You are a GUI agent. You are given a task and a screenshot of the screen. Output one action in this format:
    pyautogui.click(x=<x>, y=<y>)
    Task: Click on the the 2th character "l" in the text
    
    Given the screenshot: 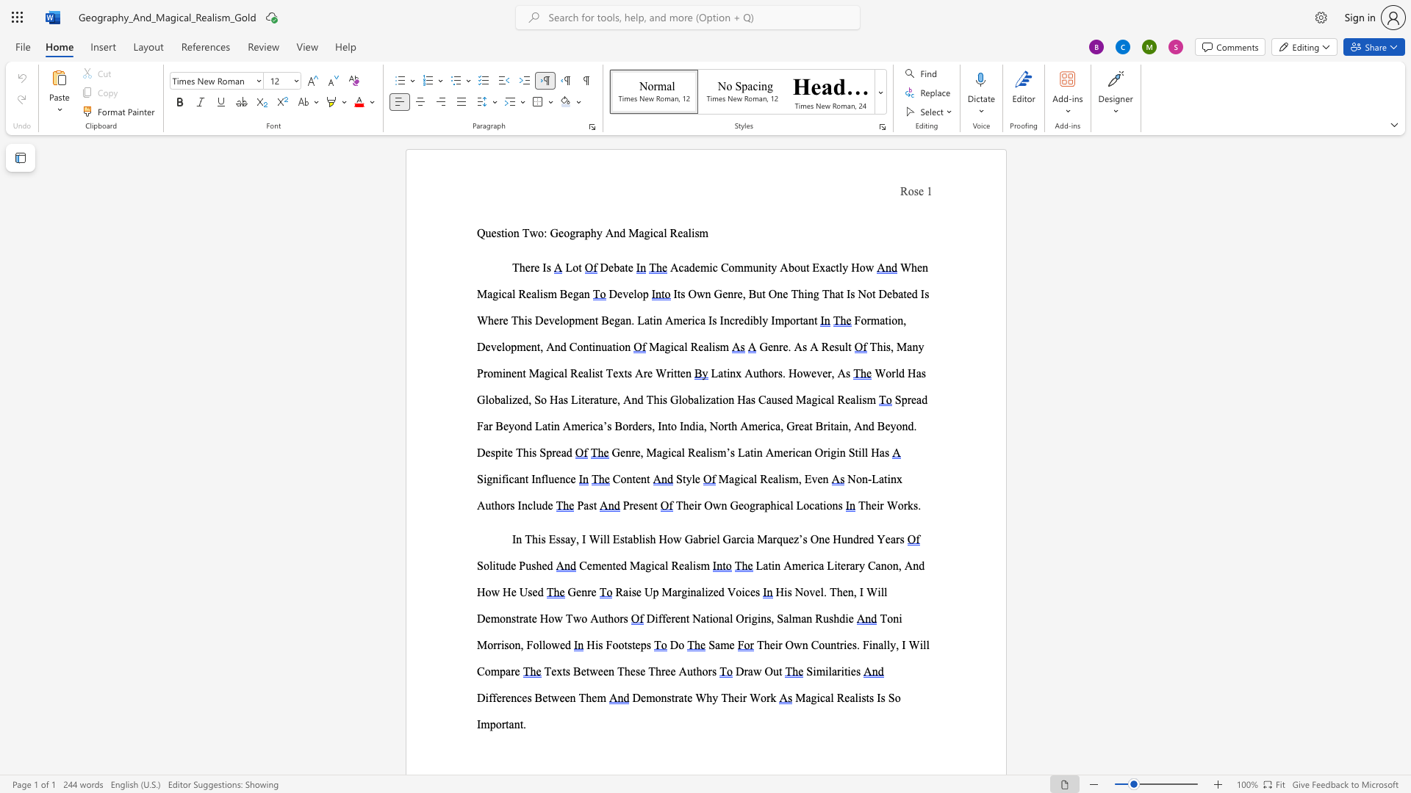 What is the action you would take?
    pyautogui.click(x=779, y=479)
    